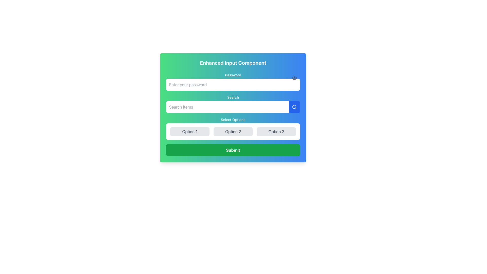  I want to click on the button labeled 'Option 3', which is the third button in a series of three horizontally aligned buttons, so click(276, 131).